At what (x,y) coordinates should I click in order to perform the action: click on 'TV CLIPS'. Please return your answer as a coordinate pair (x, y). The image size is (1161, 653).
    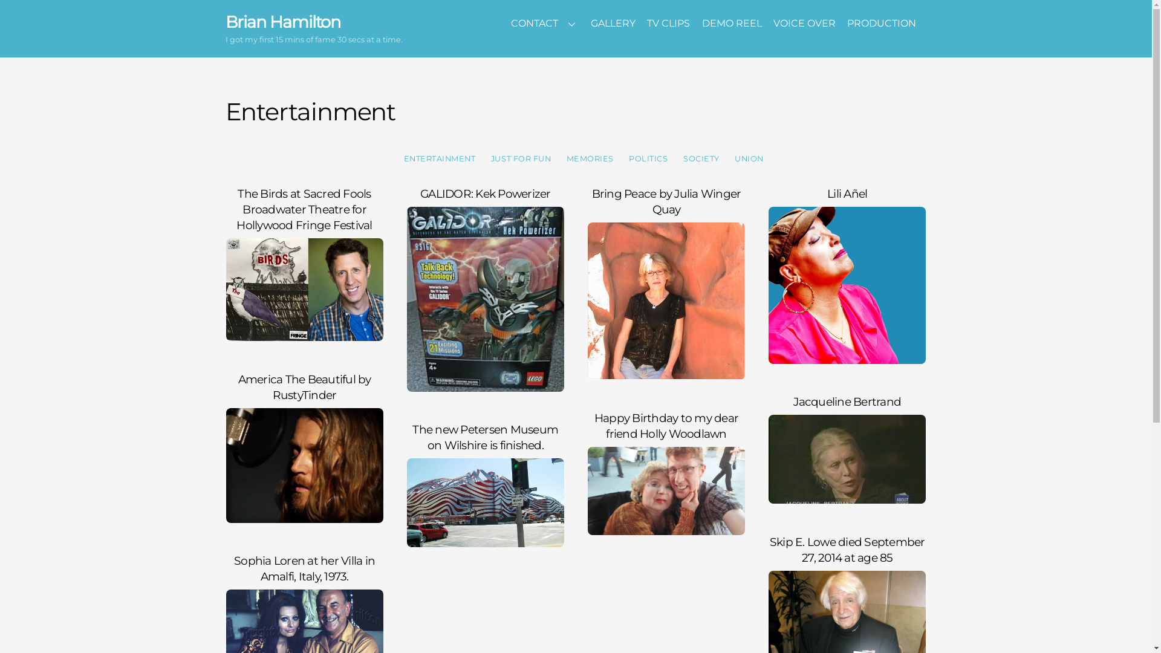
    Looking at the image, I should click on (668, 23).